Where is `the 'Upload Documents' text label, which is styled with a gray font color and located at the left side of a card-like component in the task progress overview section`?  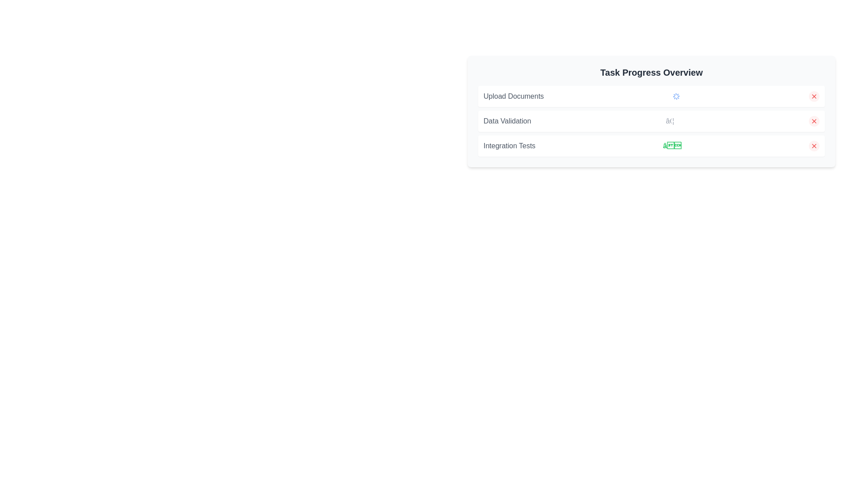
the 'Upload Documents' text label, which is styled with a gray font color and located at the left side of a card-like component in the task progress overview section is located at coordinates (514, 96).